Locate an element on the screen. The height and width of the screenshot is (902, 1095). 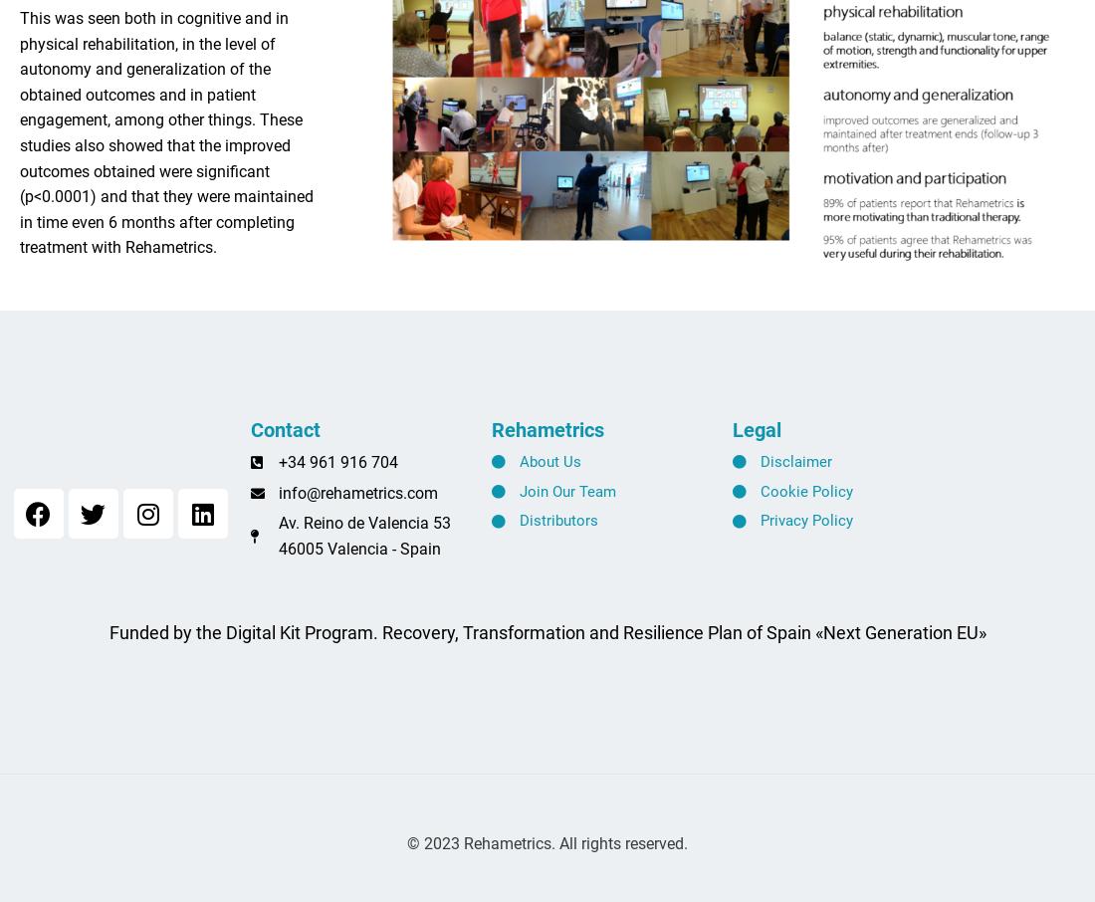
'Contact' is located at coordinates (284, 439).